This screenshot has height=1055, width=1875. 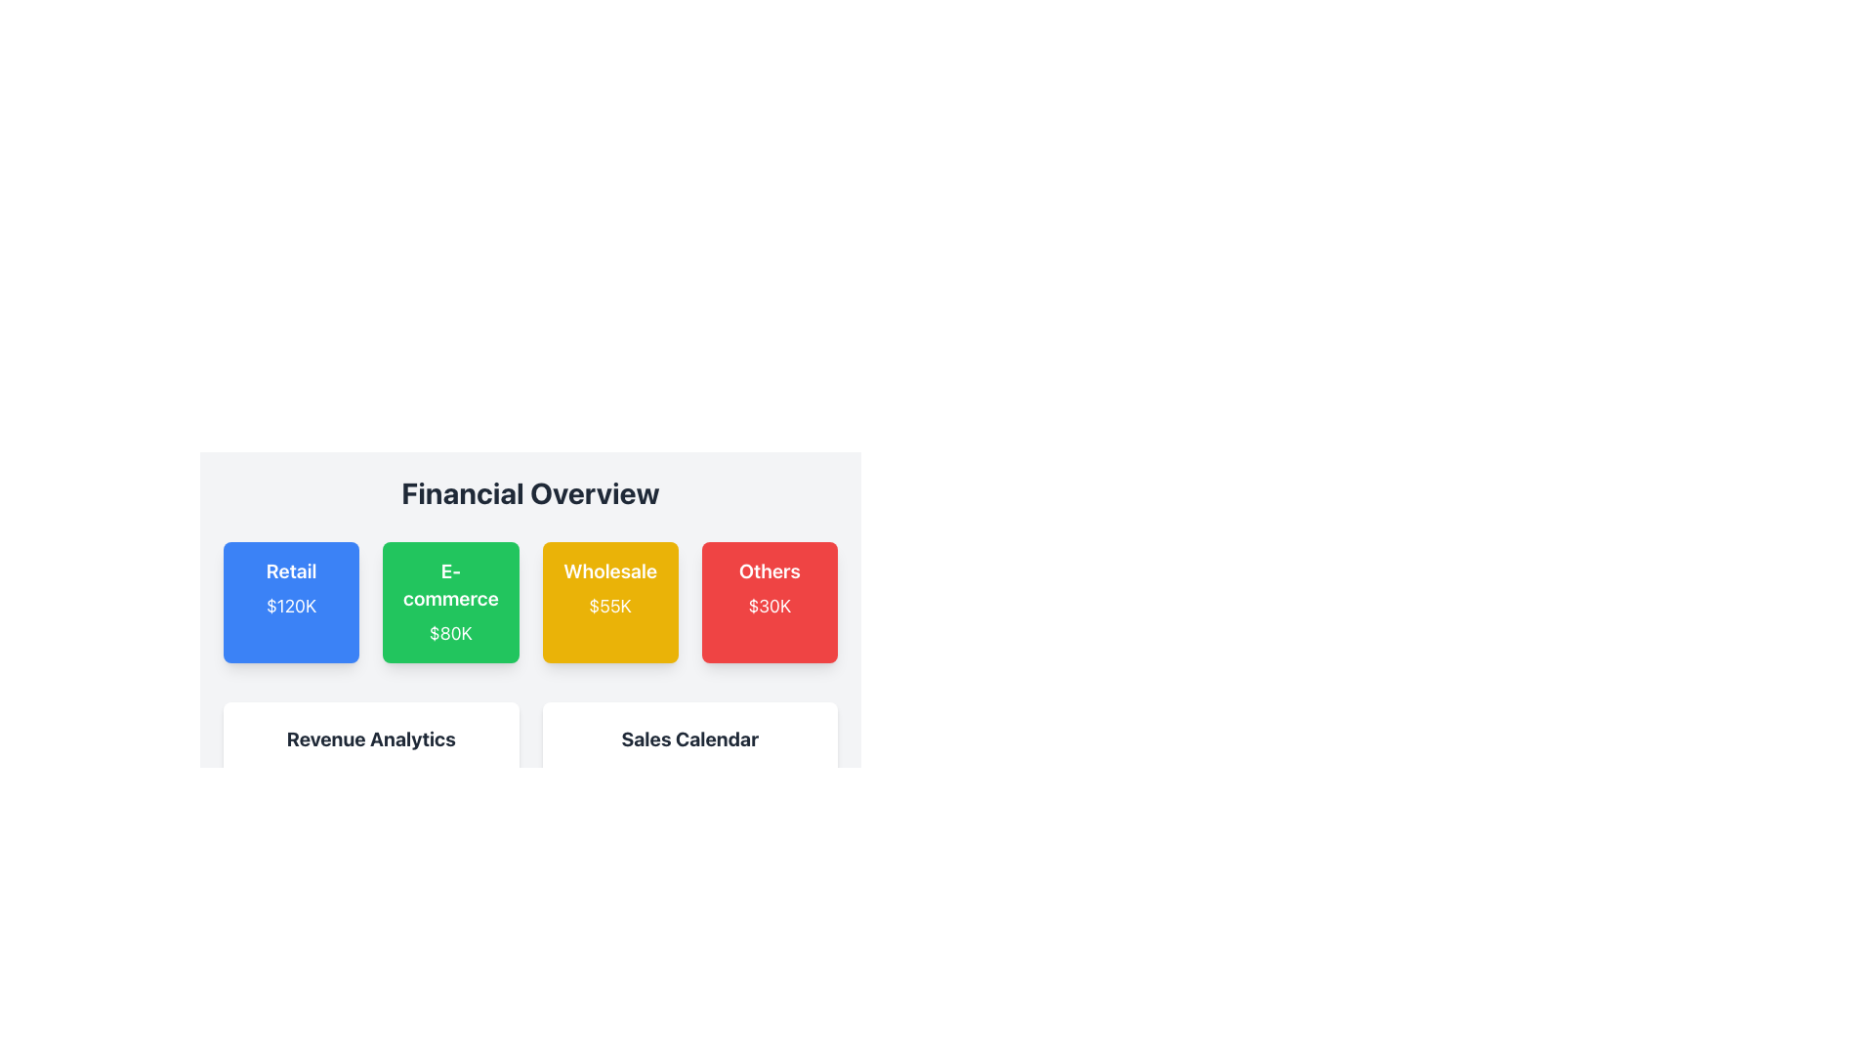 I want to click on the text label that indicates numerical values associated with the 'E-commerce' category, located inside the green rectangular component titled 'E-commerce', so click(x=449, y=633).